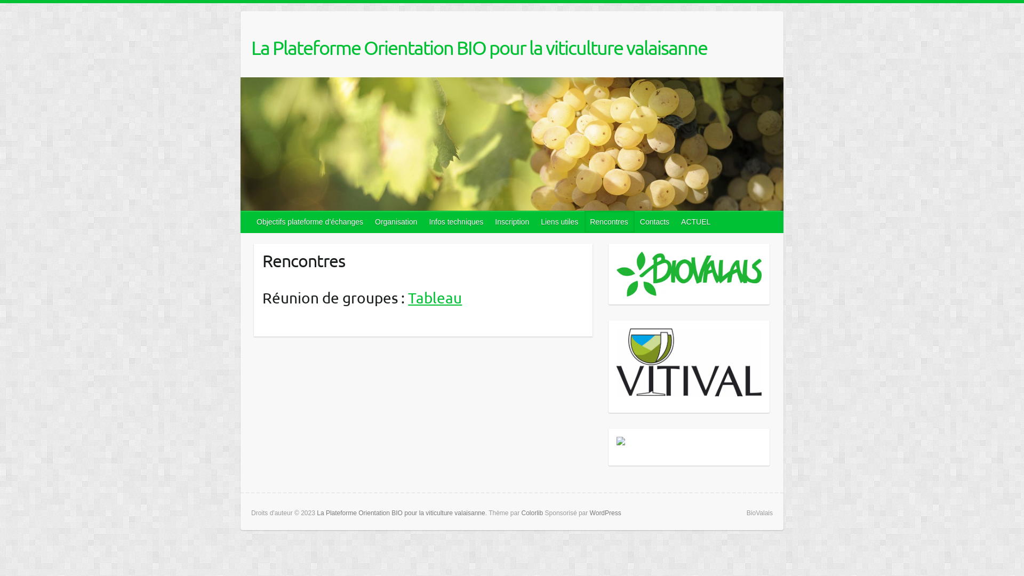 This screenshot has height=576, width=1024. I want to click on 'ACTUEL', so click(696, 221).